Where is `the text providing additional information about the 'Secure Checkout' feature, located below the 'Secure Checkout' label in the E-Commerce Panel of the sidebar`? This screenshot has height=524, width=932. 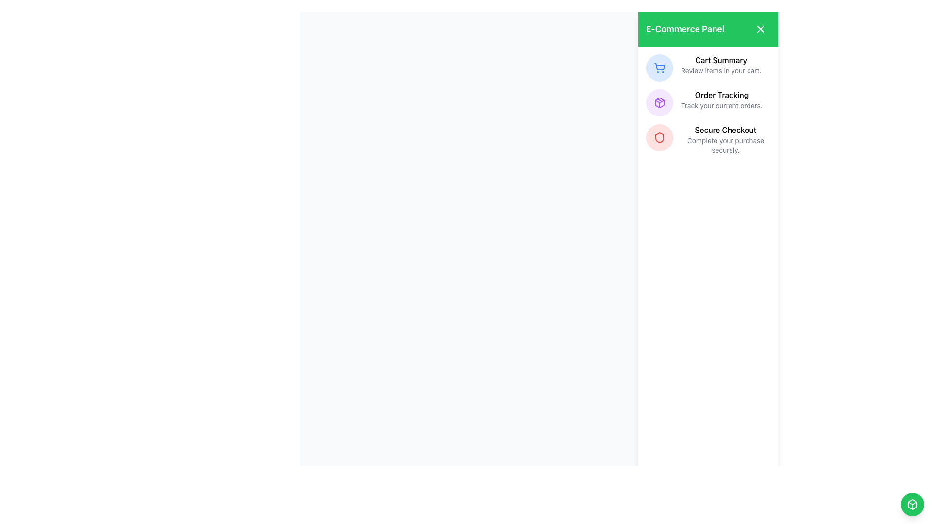
the text providing additional information about the 'Secure Checkout' feature, located below the 'Secure Checkout' label in the E-Commerce Panel of the sidebar is located at coordinates (725, 146).